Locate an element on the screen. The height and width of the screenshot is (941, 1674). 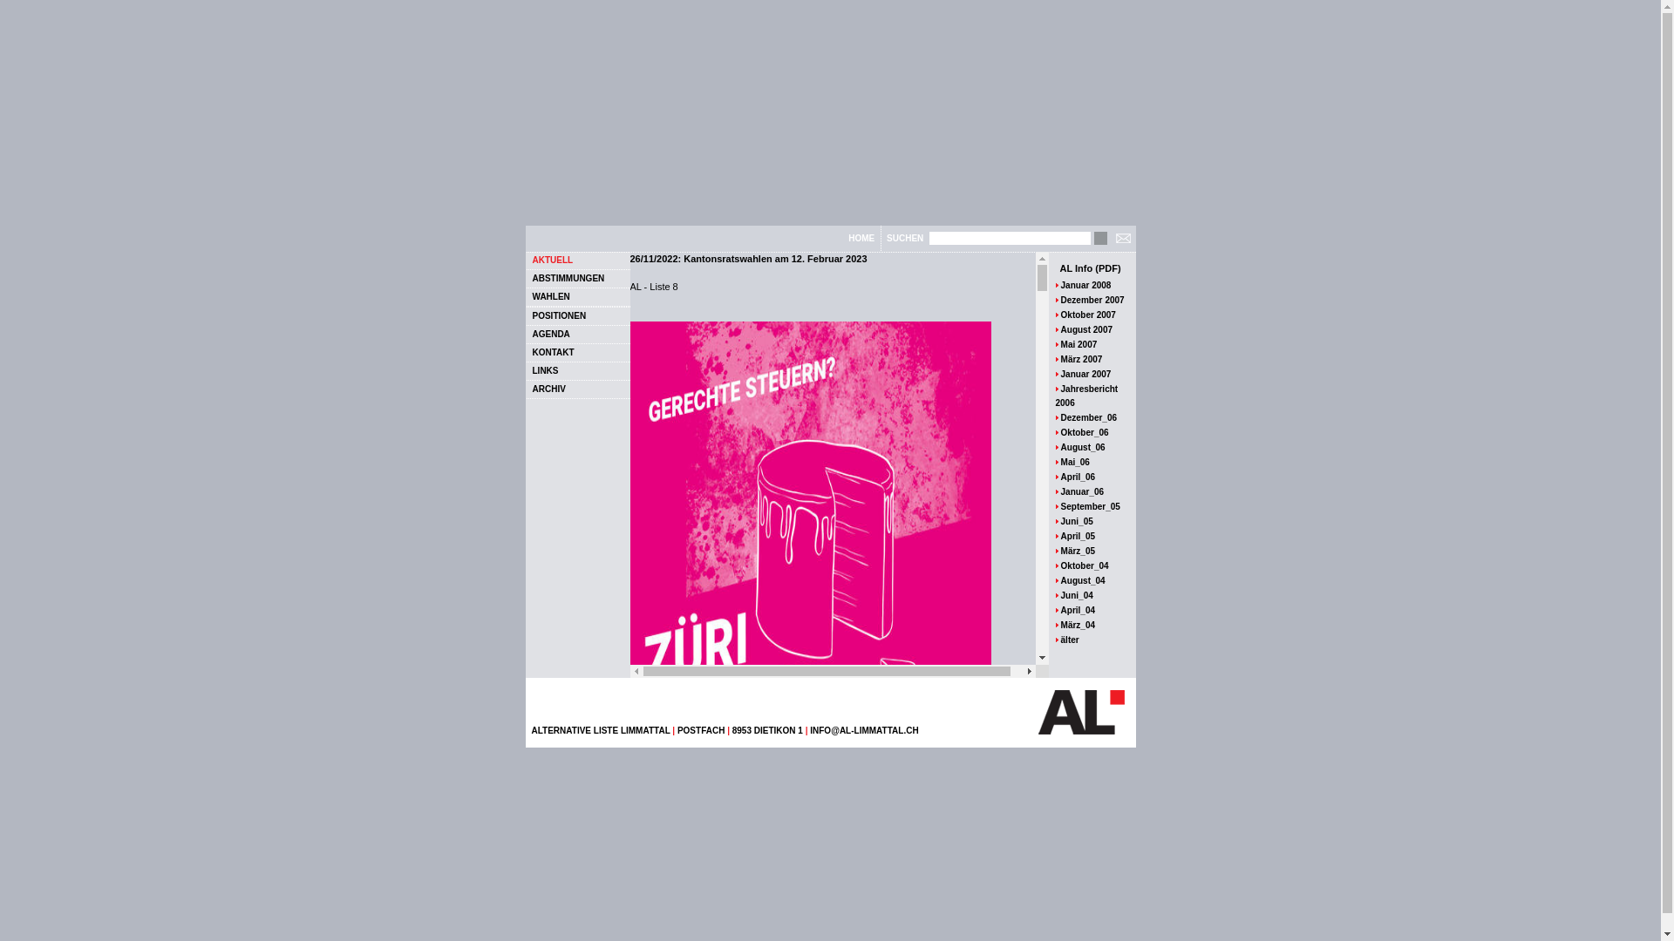
'Januar 2007' is located at coordinates (1060, 373).